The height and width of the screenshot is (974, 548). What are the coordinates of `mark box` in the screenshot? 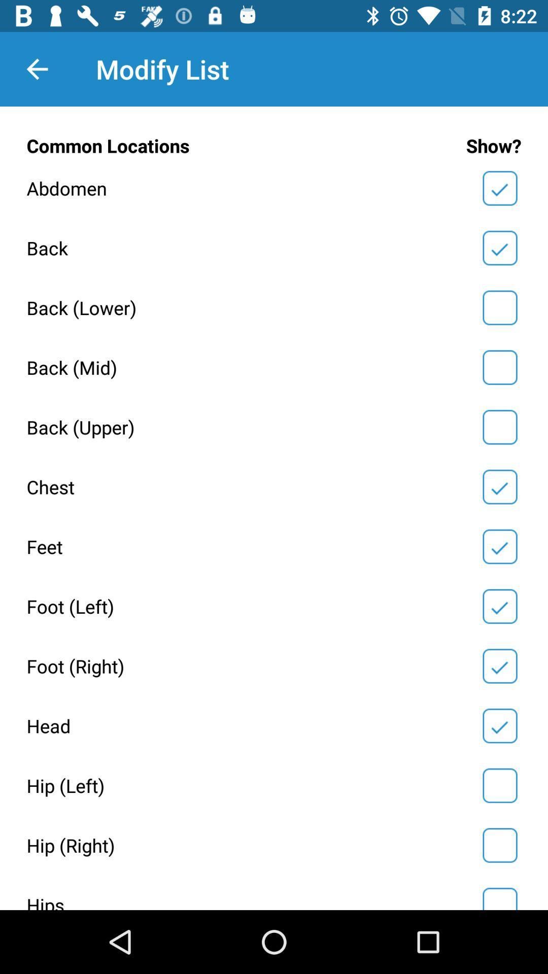 It's located at (499, 845).